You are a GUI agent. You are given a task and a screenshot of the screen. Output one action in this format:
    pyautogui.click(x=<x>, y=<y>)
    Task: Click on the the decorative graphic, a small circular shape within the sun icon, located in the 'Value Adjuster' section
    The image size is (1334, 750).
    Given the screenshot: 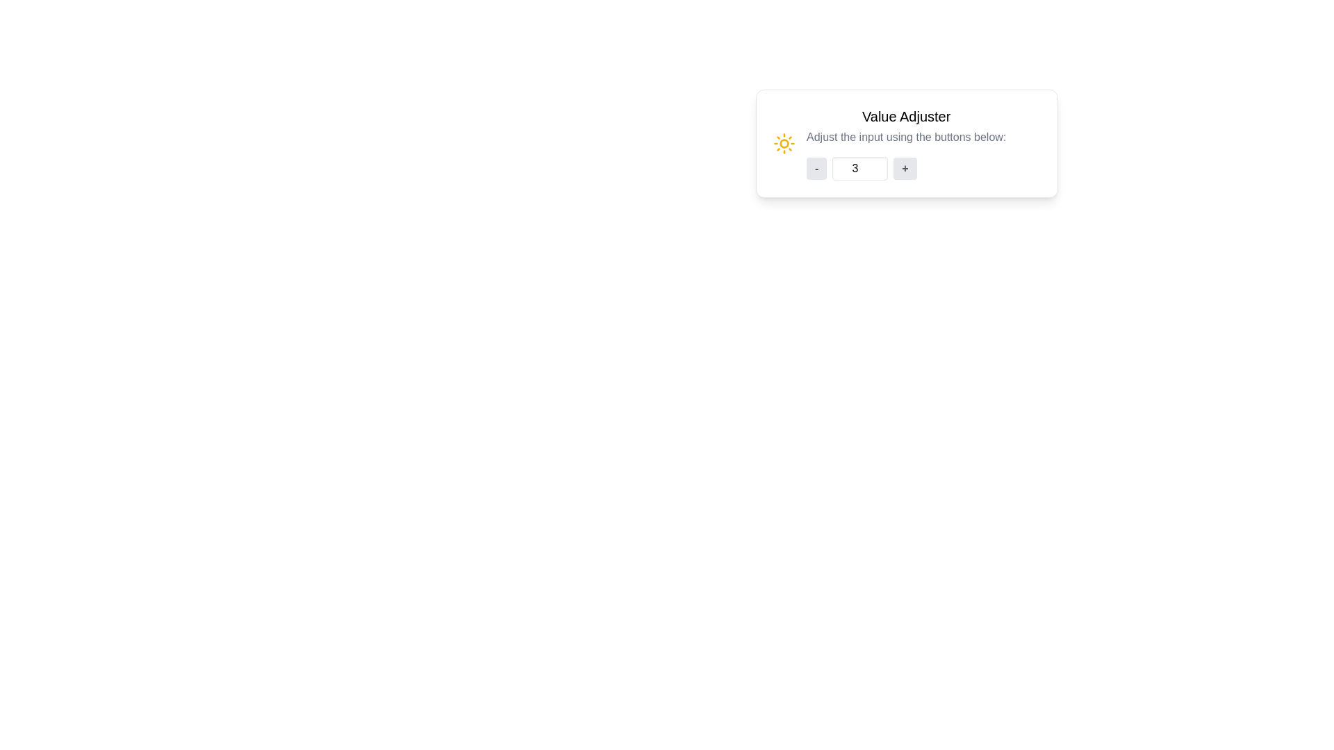 What is the action you would take?
    pyautogui.click(x=784, y=144)
    